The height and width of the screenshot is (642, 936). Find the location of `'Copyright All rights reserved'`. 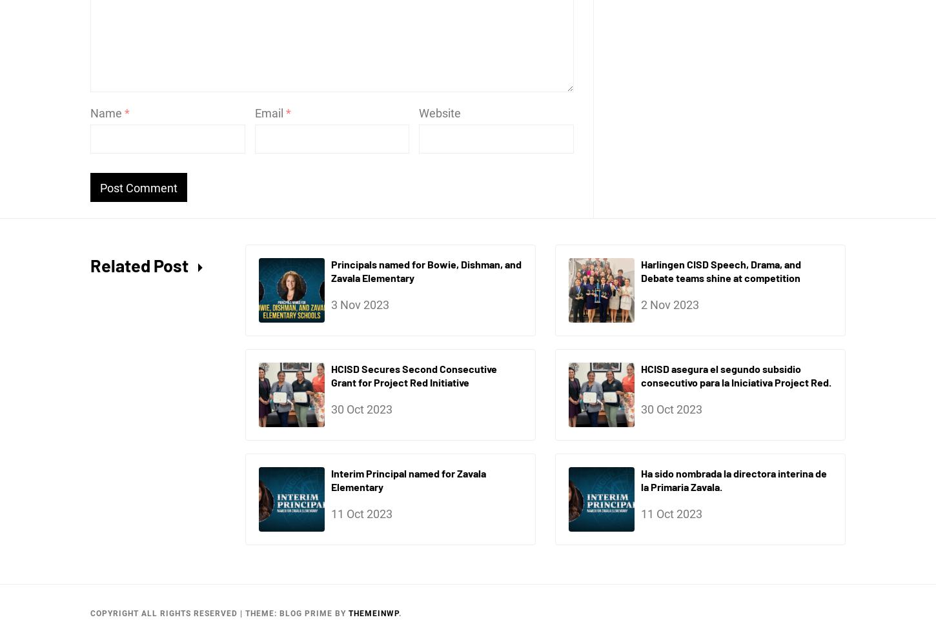

'Copyright All rights reserved' is located at coordinates (165, 614).